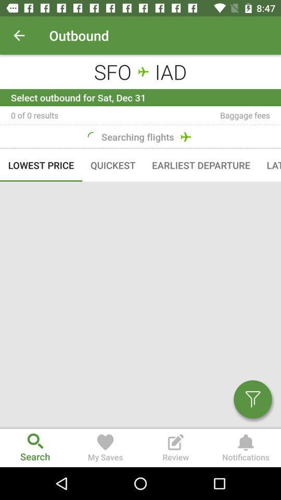 The image size is (281, 500). Describe the element at coordinates (140, 70) in the screenshot. I see `text below text outbound` at that location.